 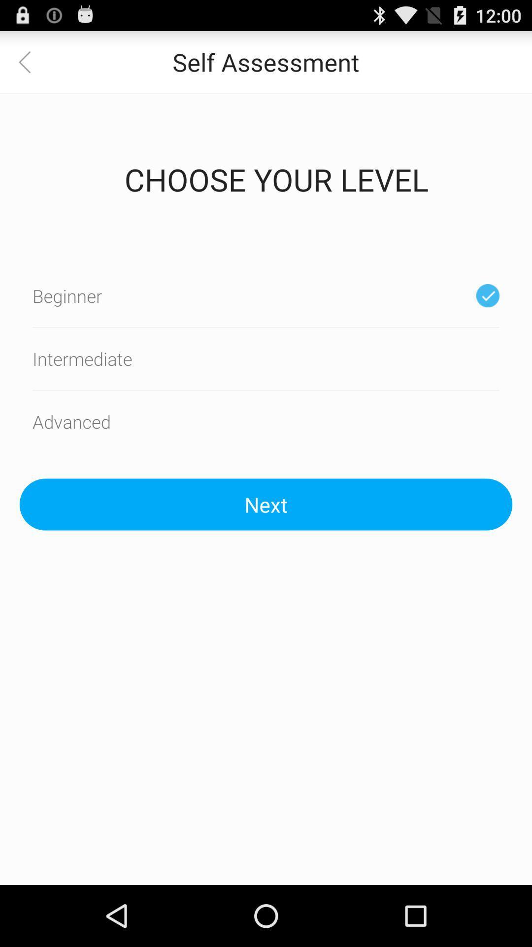 What do you see at coordinates (266, 504) in the screenshot?
I see `the next` at bounding box center [266, 504].